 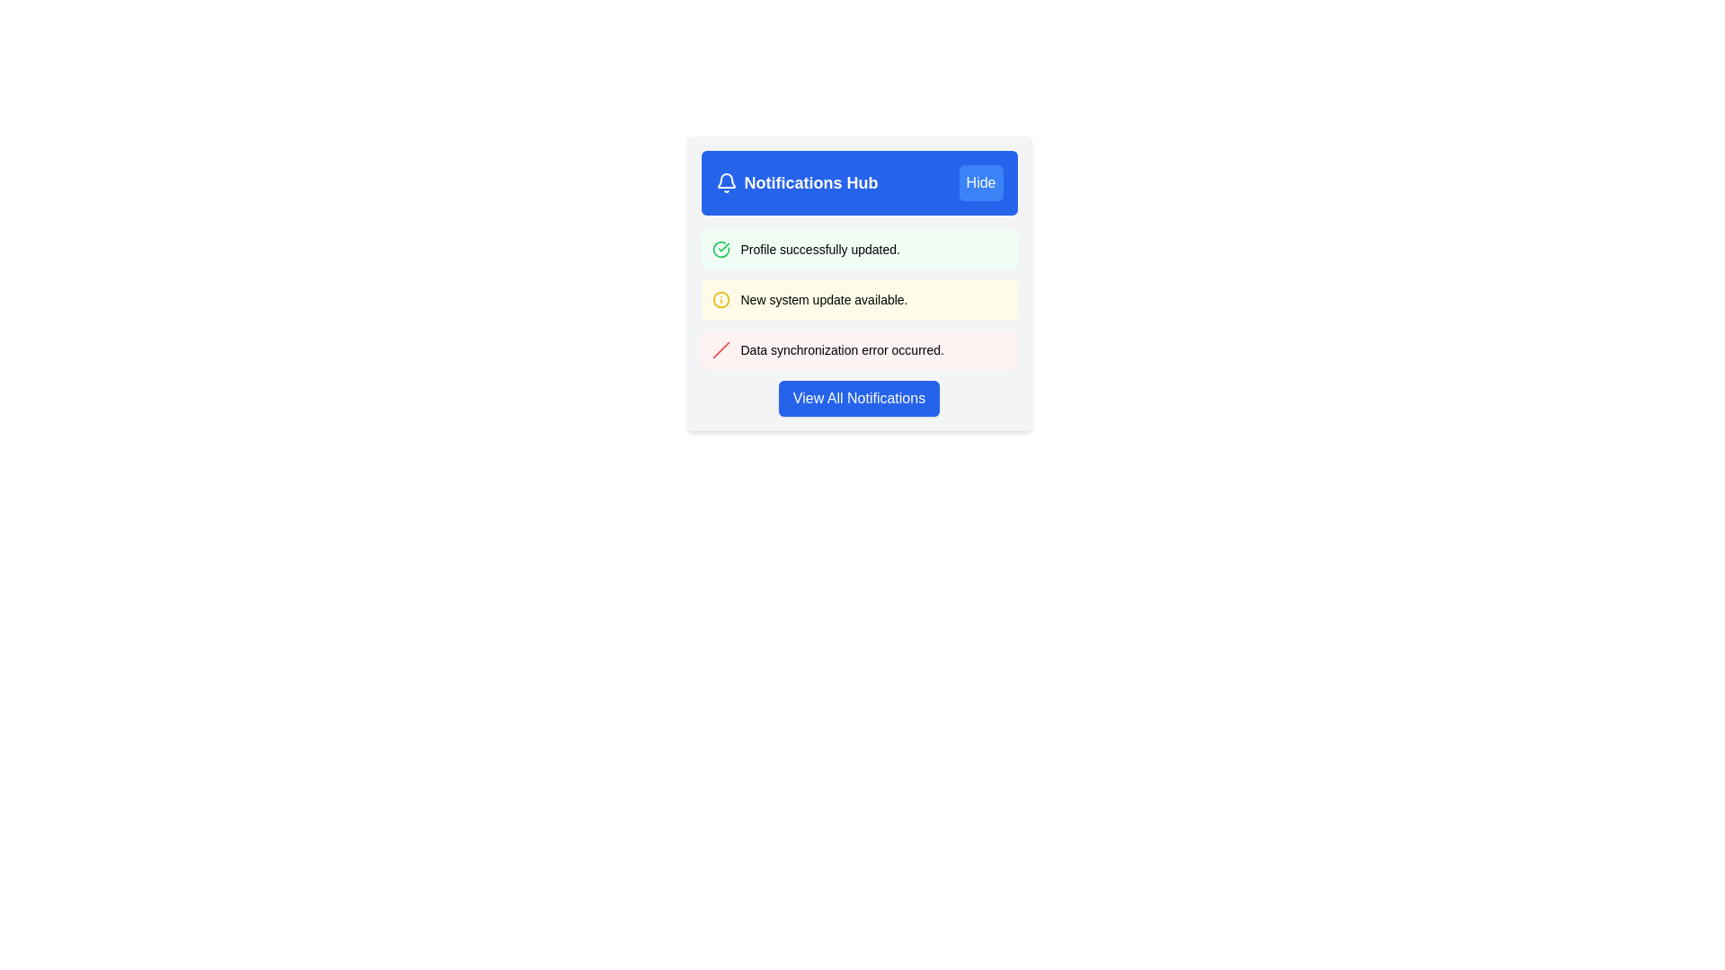 I want to click on the button located at the bottom of the notification panel, so click(x=858, y=397).